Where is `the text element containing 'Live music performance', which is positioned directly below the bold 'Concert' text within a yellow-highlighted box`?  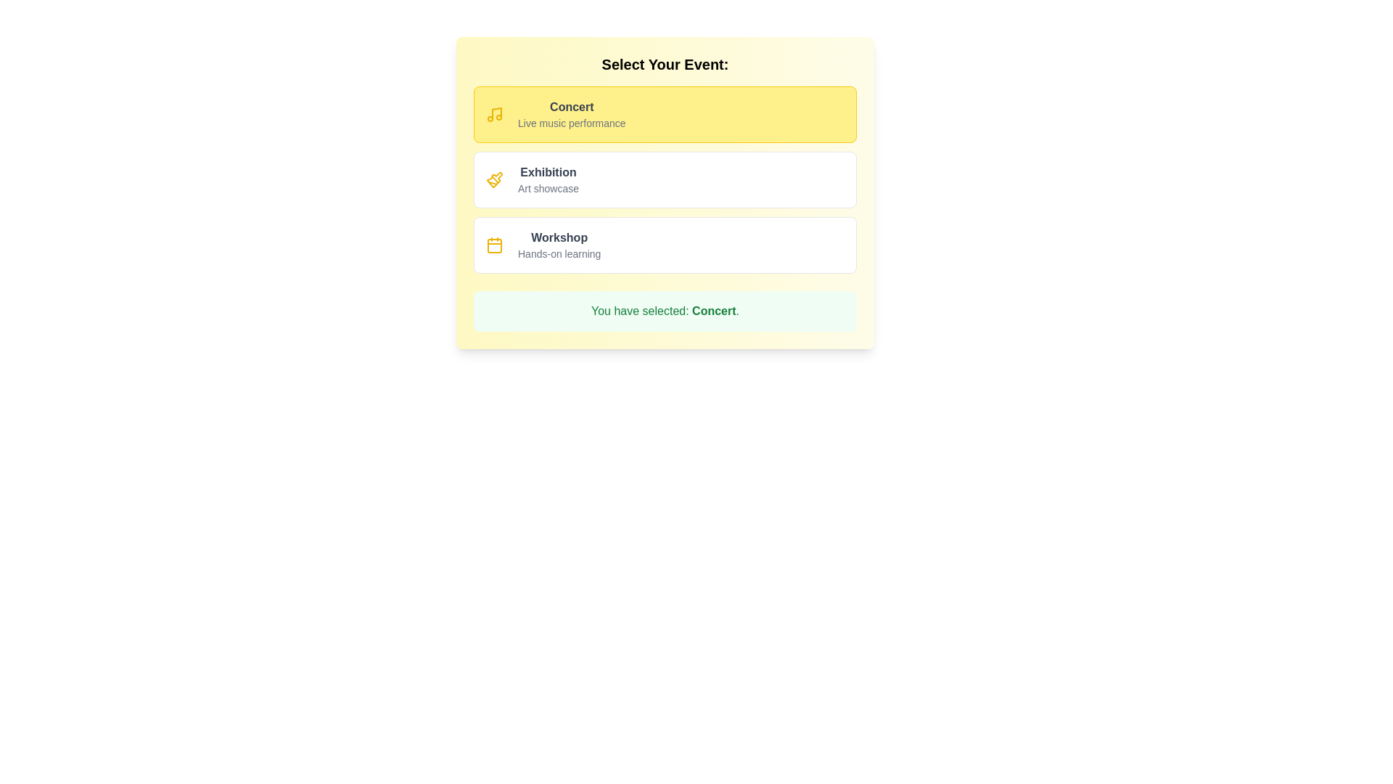
the text element containing 'Live music performance', which is positioned directly below the bold 'Concert' text within a yellow-highlighted box is located at coordinates (571, 122).